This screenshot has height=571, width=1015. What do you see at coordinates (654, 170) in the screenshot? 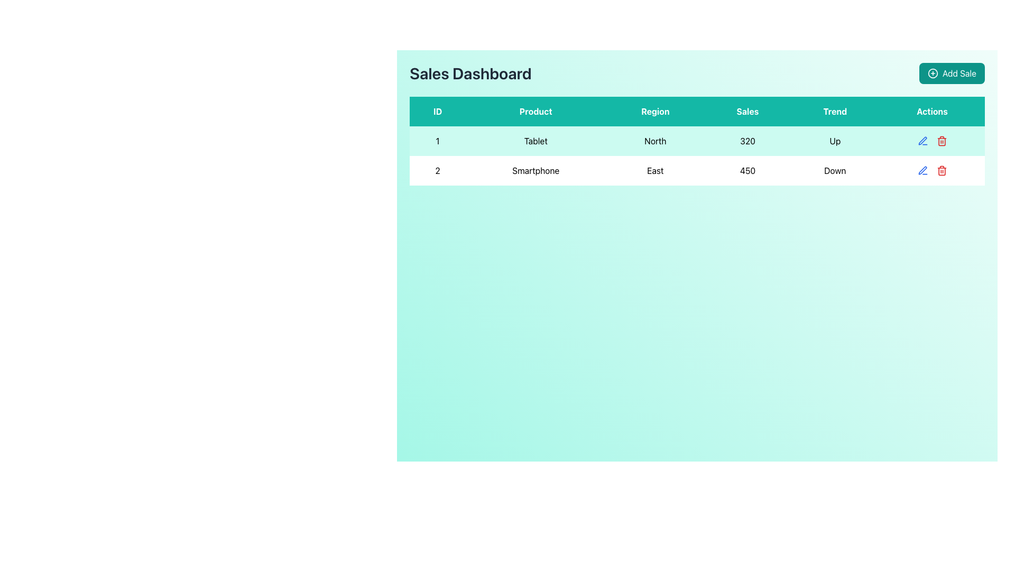
I see `the 'East' text cell in the 'Sales Dashboard' which is the third item in the second row of the table, displaying centered text against a white background` at bounding box center [654, 170].